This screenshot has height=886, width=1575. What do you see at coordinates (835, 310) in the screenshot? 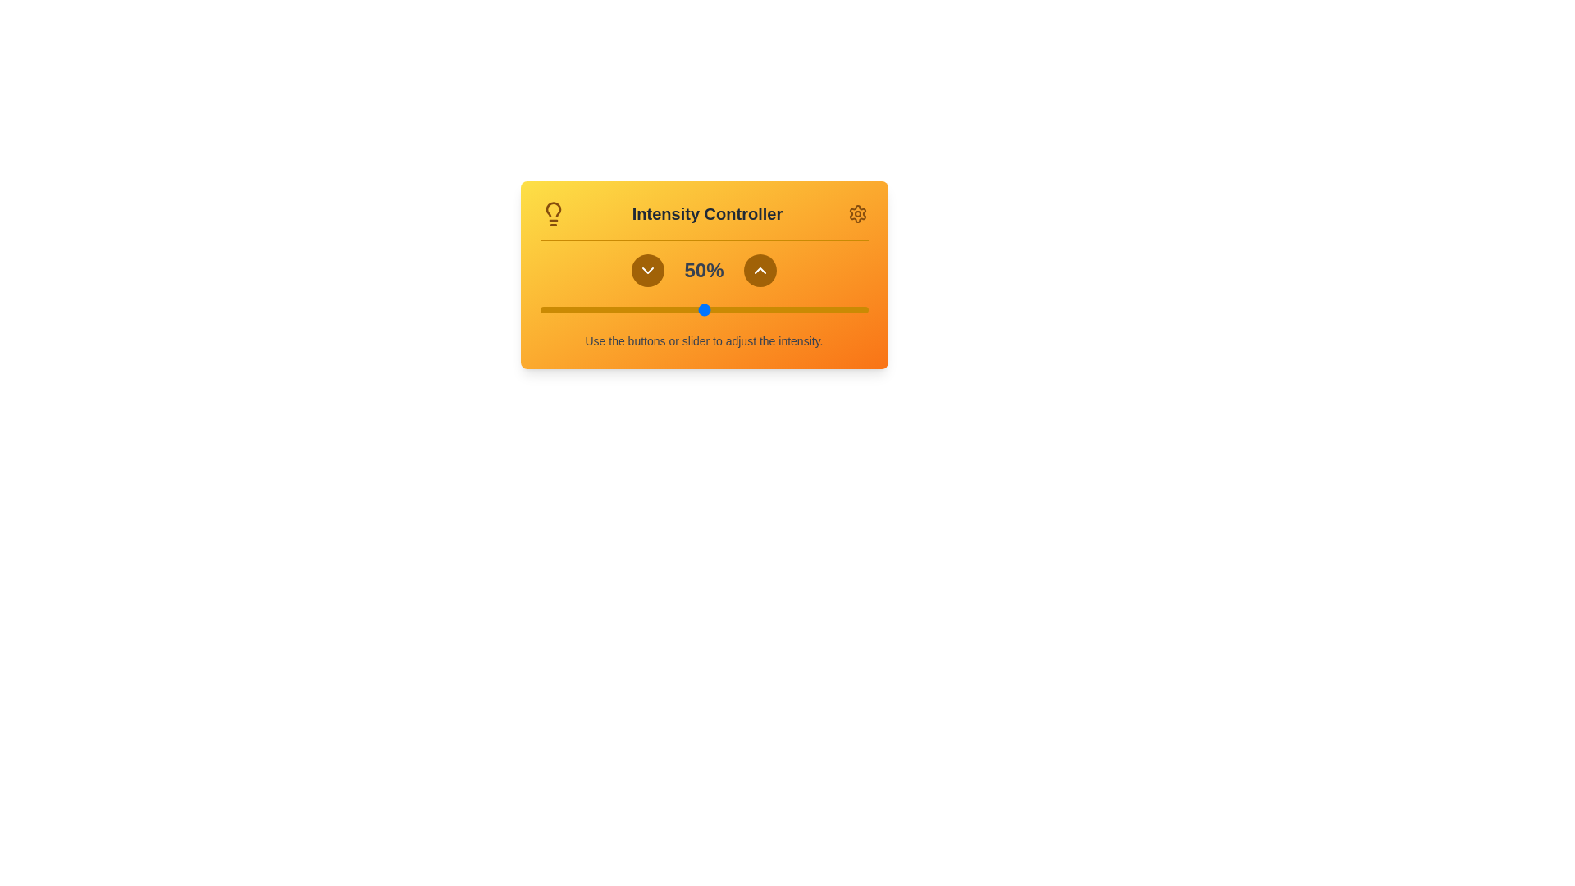
I see `intensity` at bounding box center [835, 310].